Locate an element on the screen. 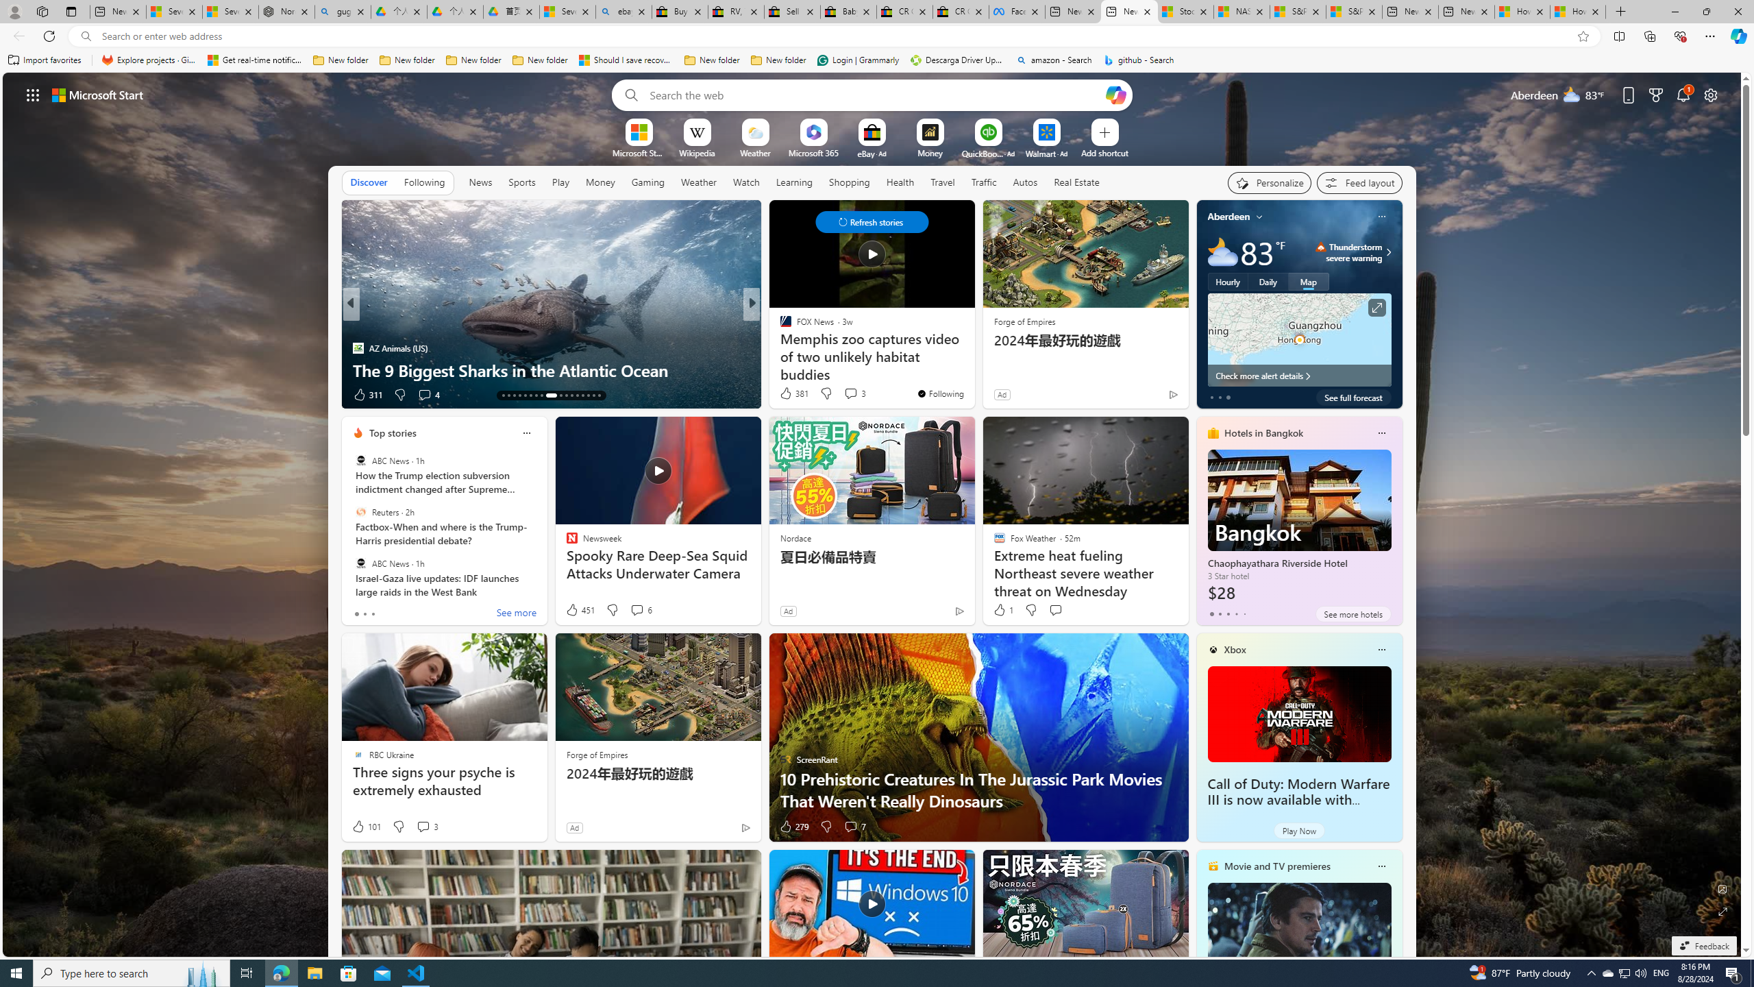 This screenshot has height=987, width=1754. 'My location' is located at coordinates (1259, 216).